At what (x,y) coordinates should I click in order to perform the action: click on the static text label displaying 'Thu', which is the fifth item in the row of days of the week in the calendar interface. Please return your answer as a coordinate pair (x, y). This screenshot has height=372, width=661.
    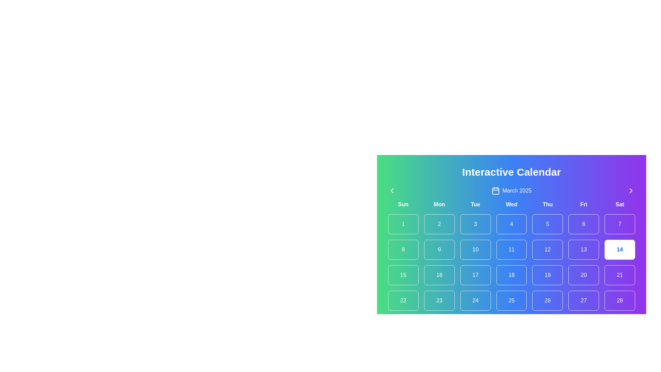
    Looking at the image, I should click on (547, 204).